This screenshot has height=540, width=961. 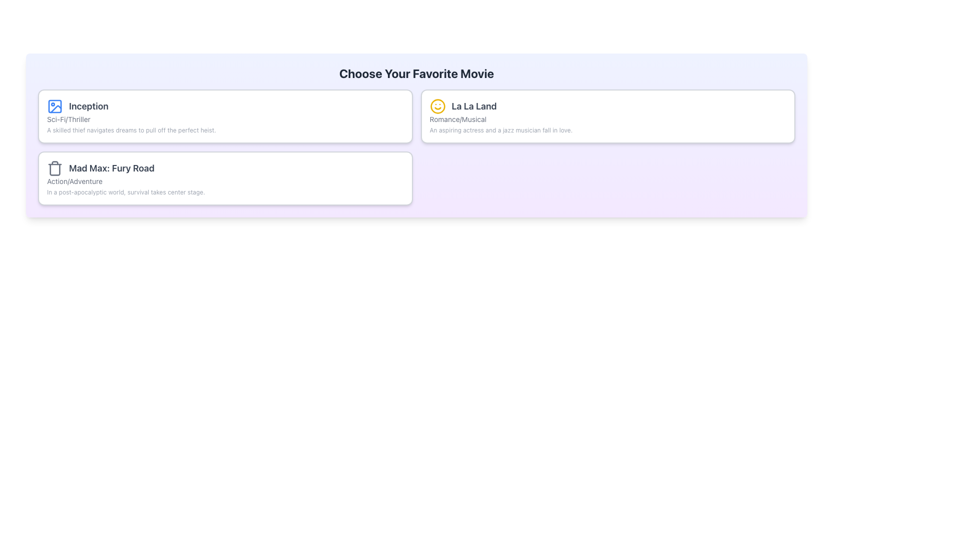 What do you see at coordinates (501, 130) in the screenshot?
I see `the text label that provides a concise summary of the movie 'La La Land', located below the title and category within the card section` at bounding box center [501, 130].